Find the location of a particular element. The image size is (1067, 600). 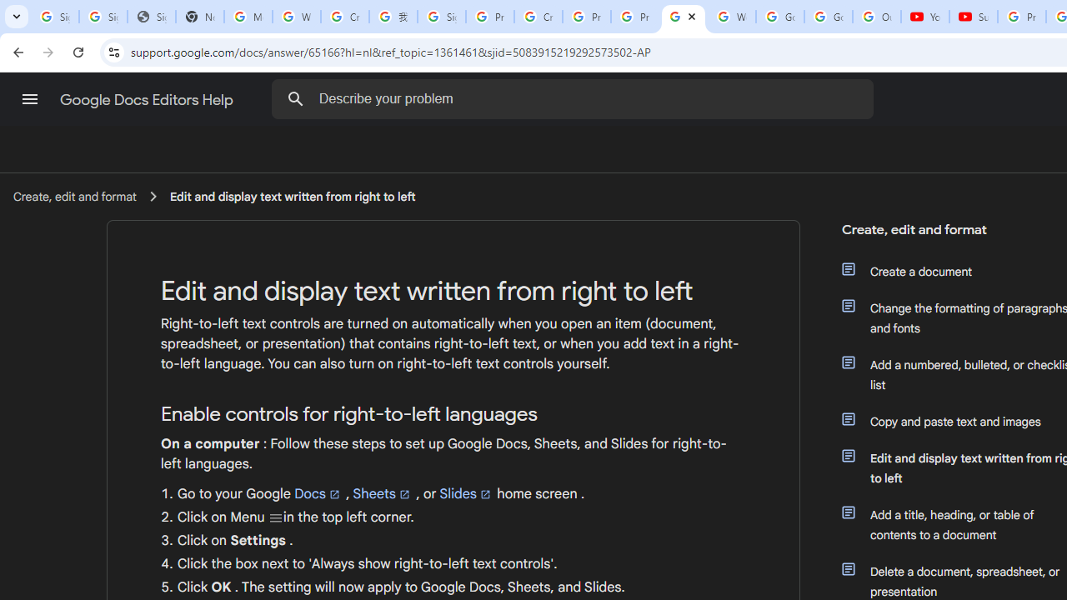

'Edit and view right-to-left text - Google Docs Editors Help' is located at coordinates (683, 17).